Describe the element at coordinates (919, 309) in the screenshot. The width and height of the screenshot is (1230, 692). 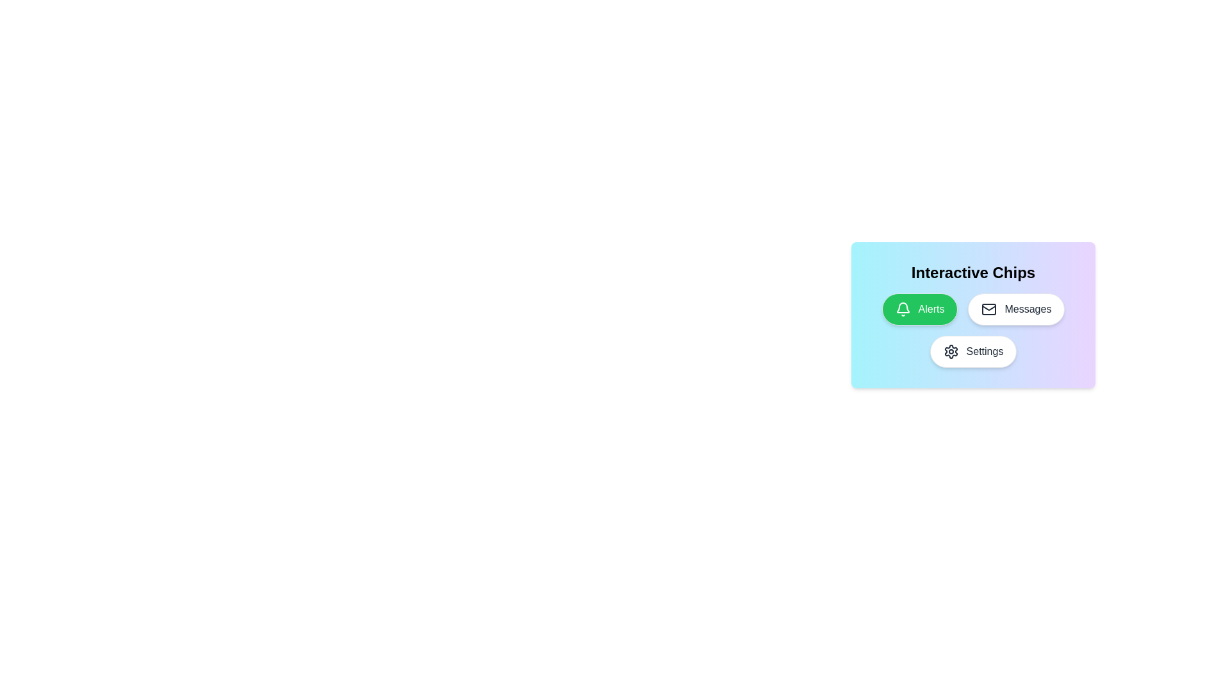
I see `the chip labeled Alerts to toggle its selection state` at that location.